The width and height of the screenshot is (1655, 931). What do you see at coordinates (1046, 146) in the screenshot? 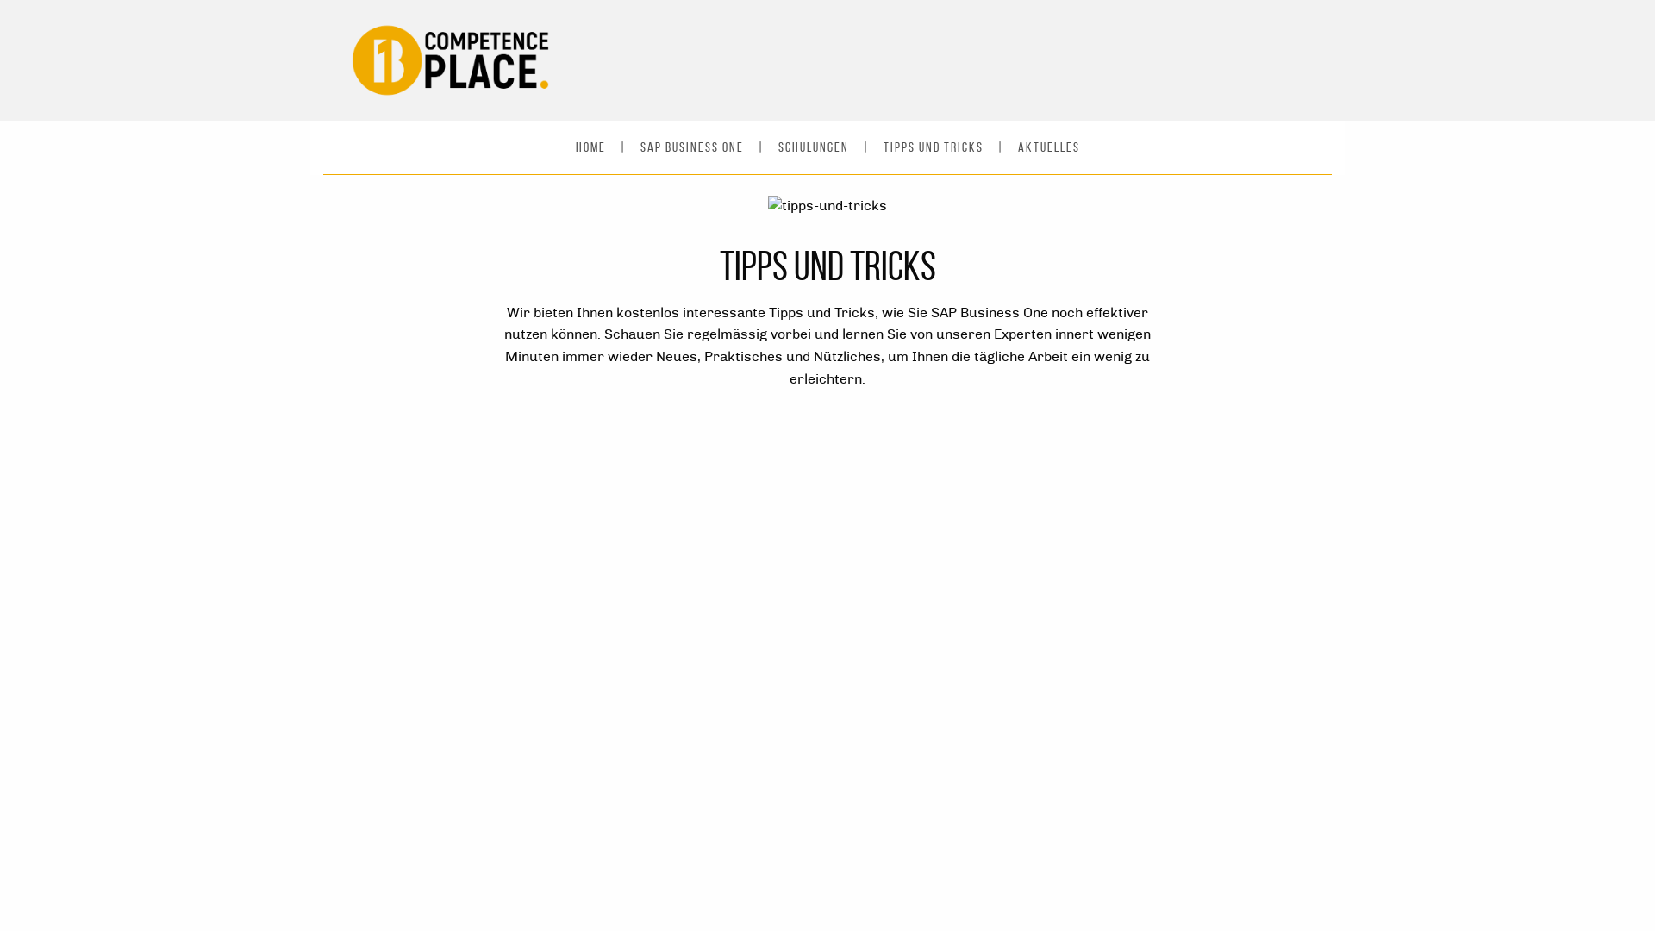
I see `'Aktuelles'` at bounding box center [1046, 146].